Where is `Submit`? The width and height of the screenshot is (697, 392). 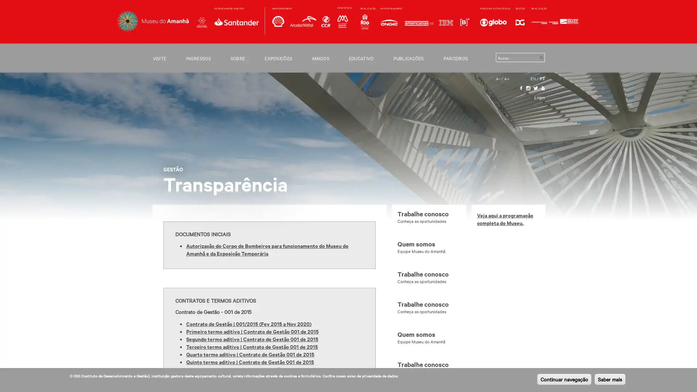
Submit is located at coordinates (541, 57).